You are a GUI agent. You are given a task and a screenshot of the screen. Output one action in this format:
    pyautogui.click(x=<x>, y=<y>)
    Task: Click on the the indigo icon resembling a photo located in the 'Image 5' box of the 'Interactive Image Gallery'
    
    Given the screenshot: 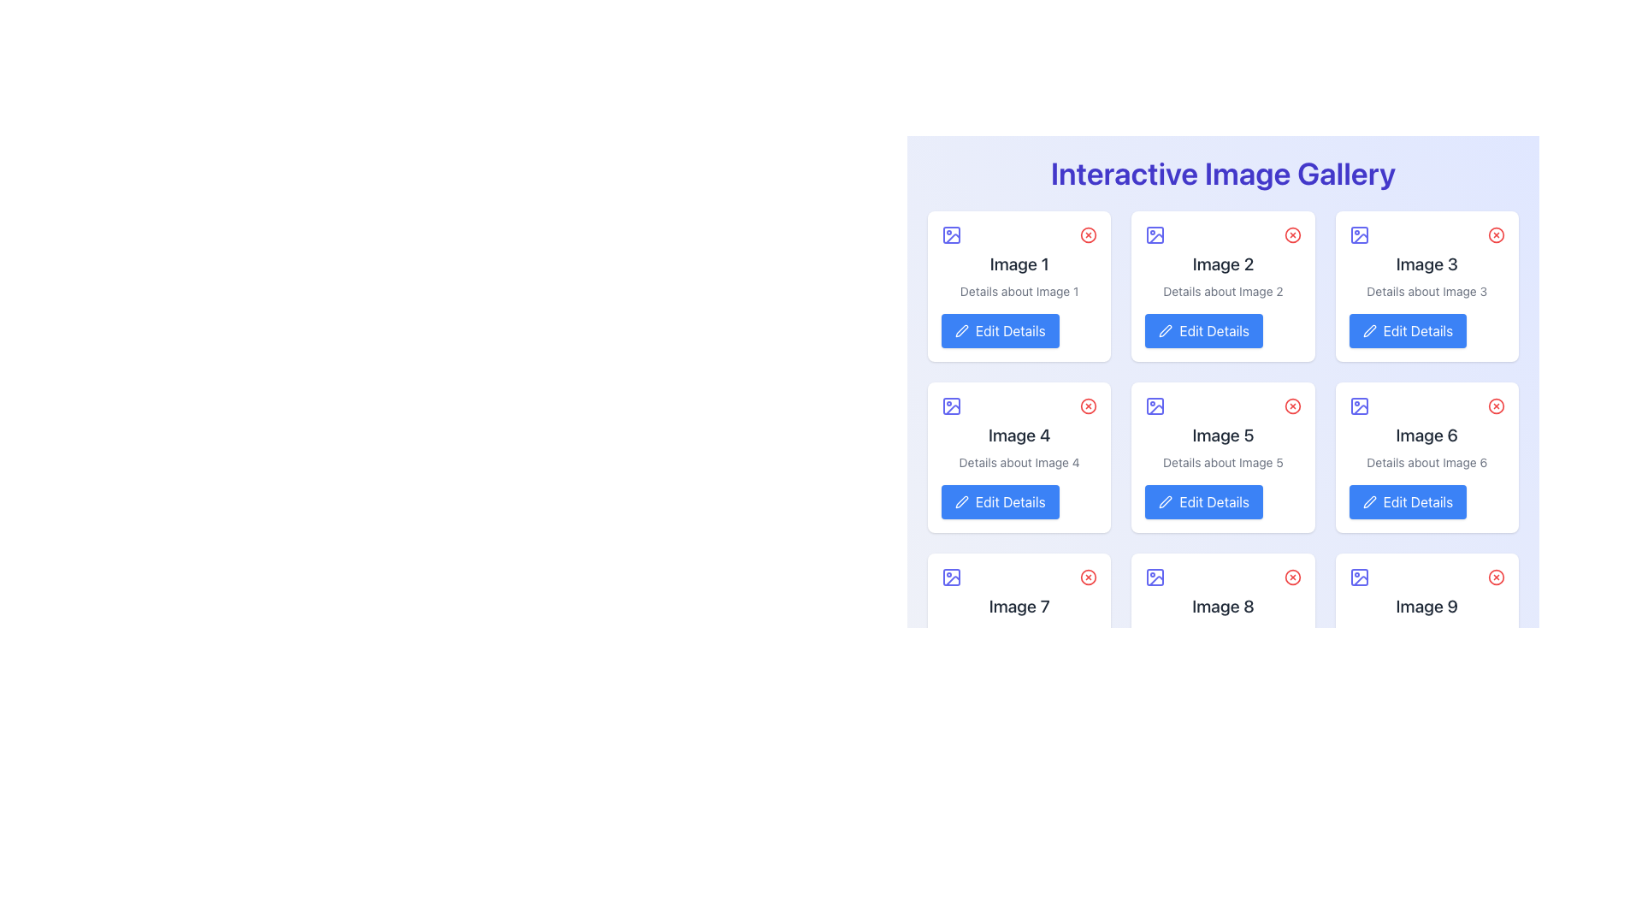 What is the action you would take?
    pyautogui.click(x=1155, y=406)
    